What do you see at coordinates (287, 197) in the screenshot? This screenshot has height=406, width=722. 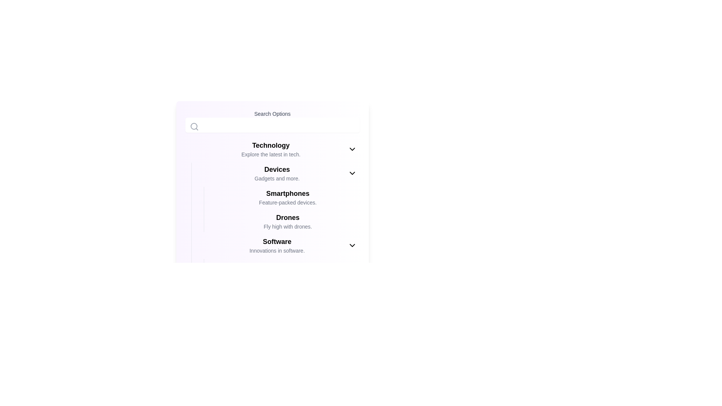 I see `the third option in the dropdown menu under the 'Devices' category` at bounding box center [287, 197].